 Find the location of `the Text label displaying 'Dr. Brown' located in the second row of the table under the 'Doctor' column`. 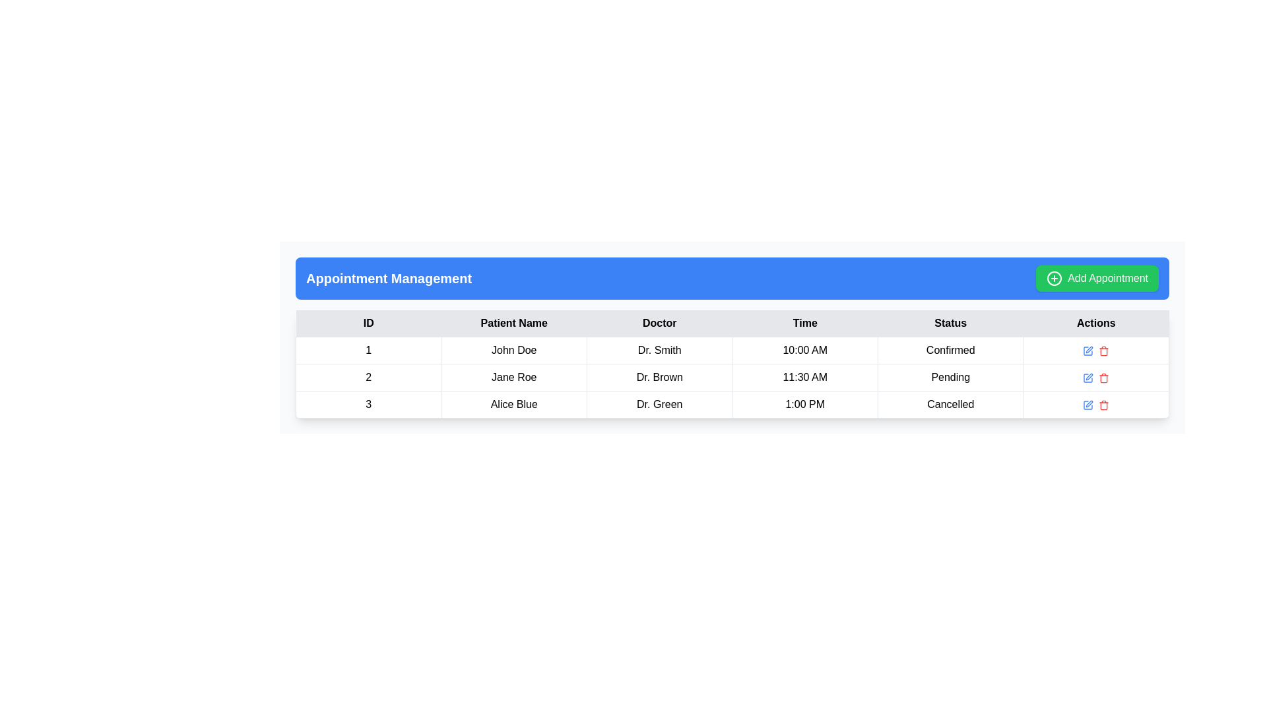

the Text label displaying 'Dr. Brown' located in the second row of the table under the 'Doctor' column is located at coordinates (659, 377).